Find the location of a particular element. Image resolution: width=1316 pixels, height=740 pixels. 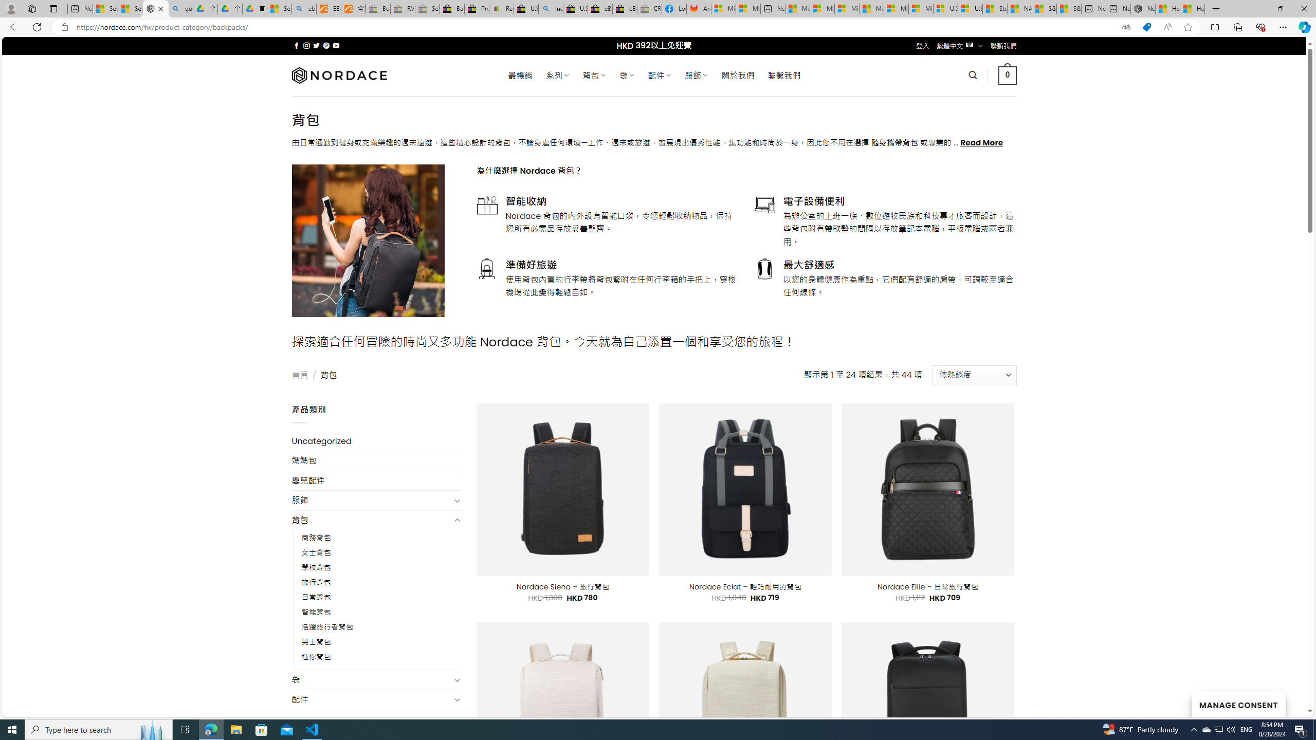

'Microsoft account | Home' is located at coordinates (846, 8).